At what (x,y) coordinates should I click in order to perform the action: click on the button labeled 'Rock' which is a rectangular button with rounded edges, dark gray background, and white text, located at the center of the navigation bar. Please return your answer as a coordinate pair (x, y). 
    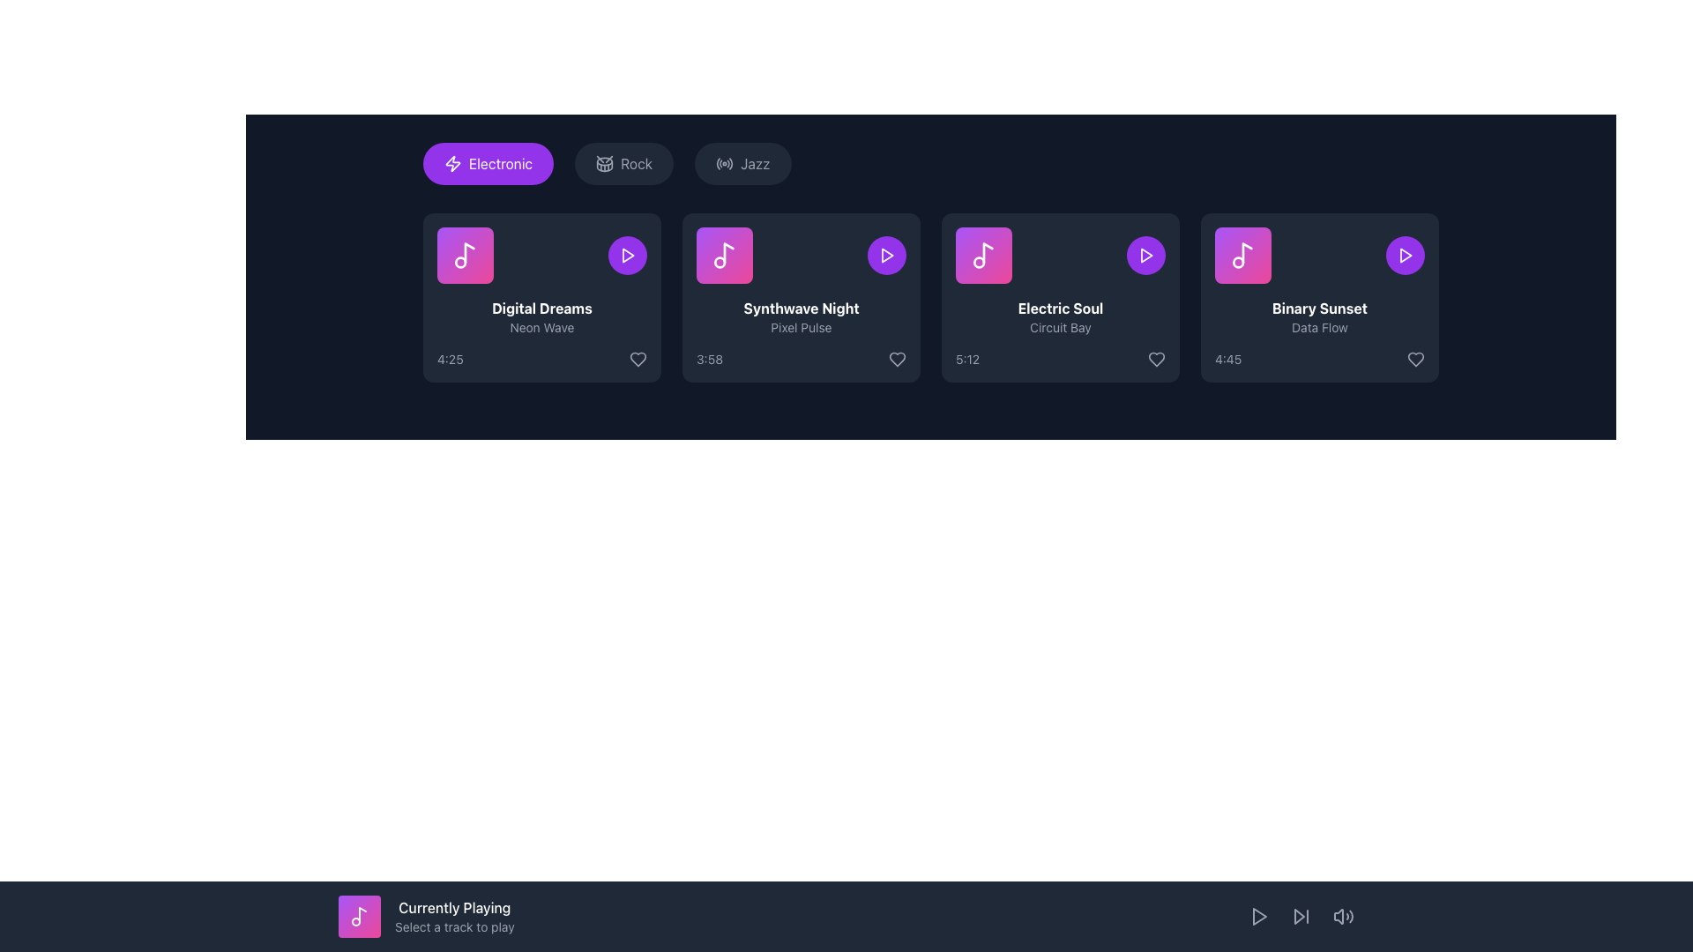
    Looking at the image, I should click on (624, 163).